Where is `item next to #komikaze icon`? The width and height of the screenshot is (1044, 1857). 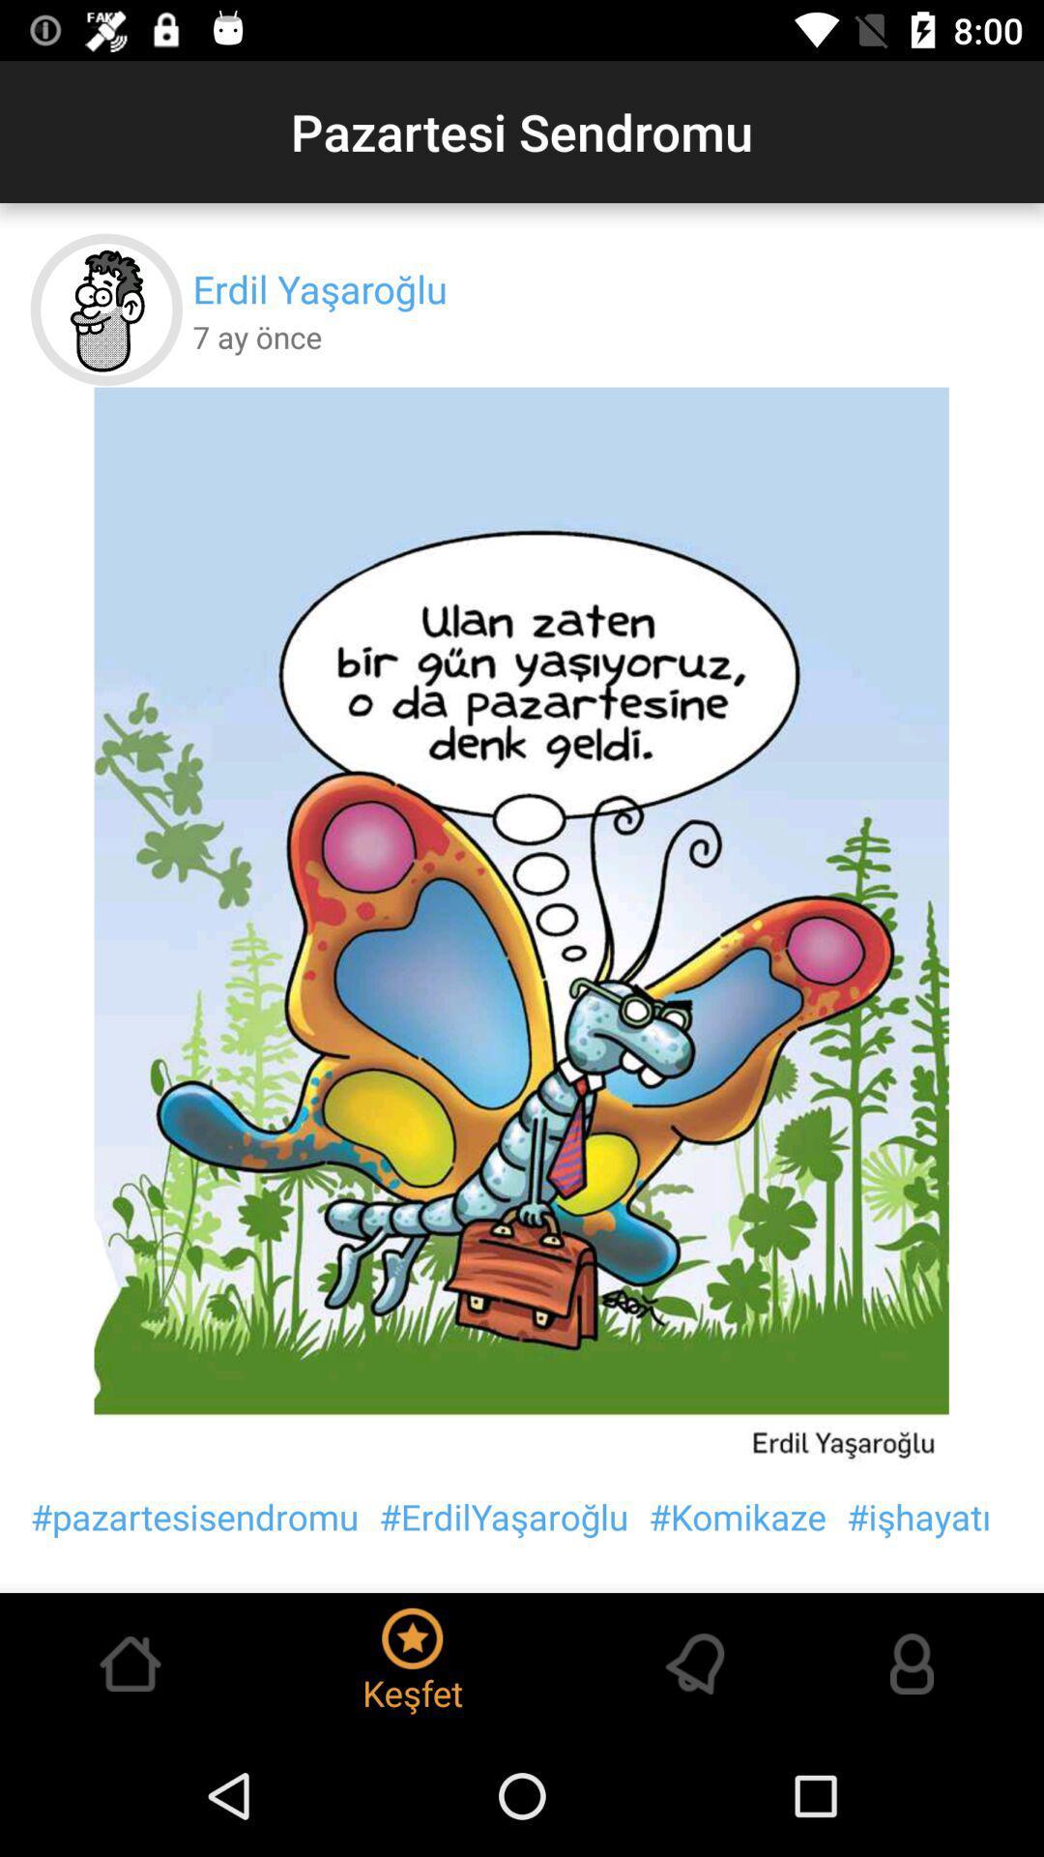 item next to #komikaze icon is located at coordinates (917, 1516).